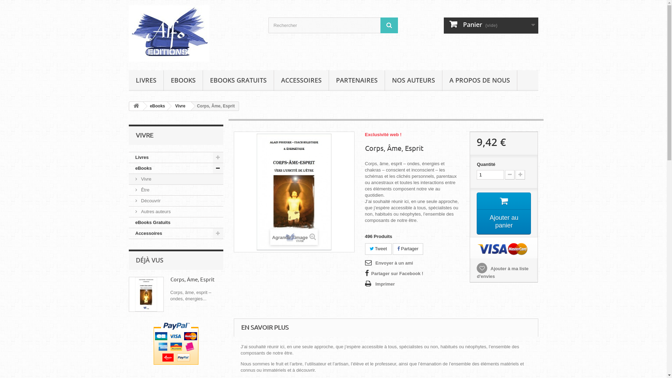 Image resolution: width=672 pixels, height=378 pixels. I want to click on 'A PROPOS DE NOUS', so click(479, 80).